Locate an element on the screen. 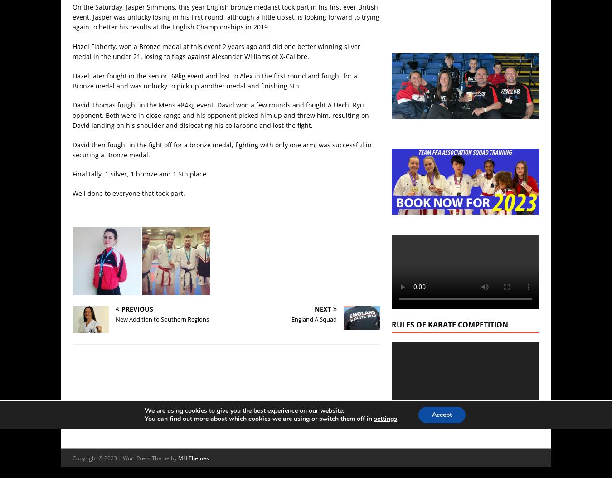 Image resolution: width=612 pixels, height=478 pixels. 'England A Squad' is located at coordinates (313, 318).